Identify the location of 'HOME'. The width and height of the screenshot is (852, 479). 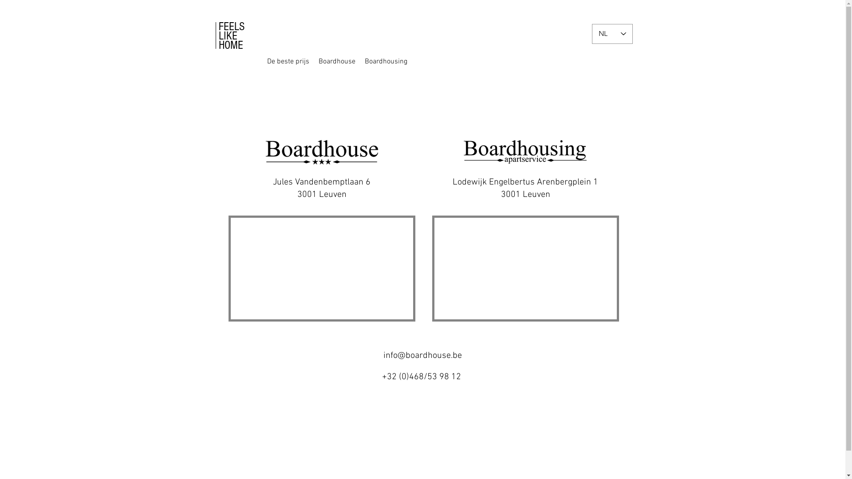
(218, 45).